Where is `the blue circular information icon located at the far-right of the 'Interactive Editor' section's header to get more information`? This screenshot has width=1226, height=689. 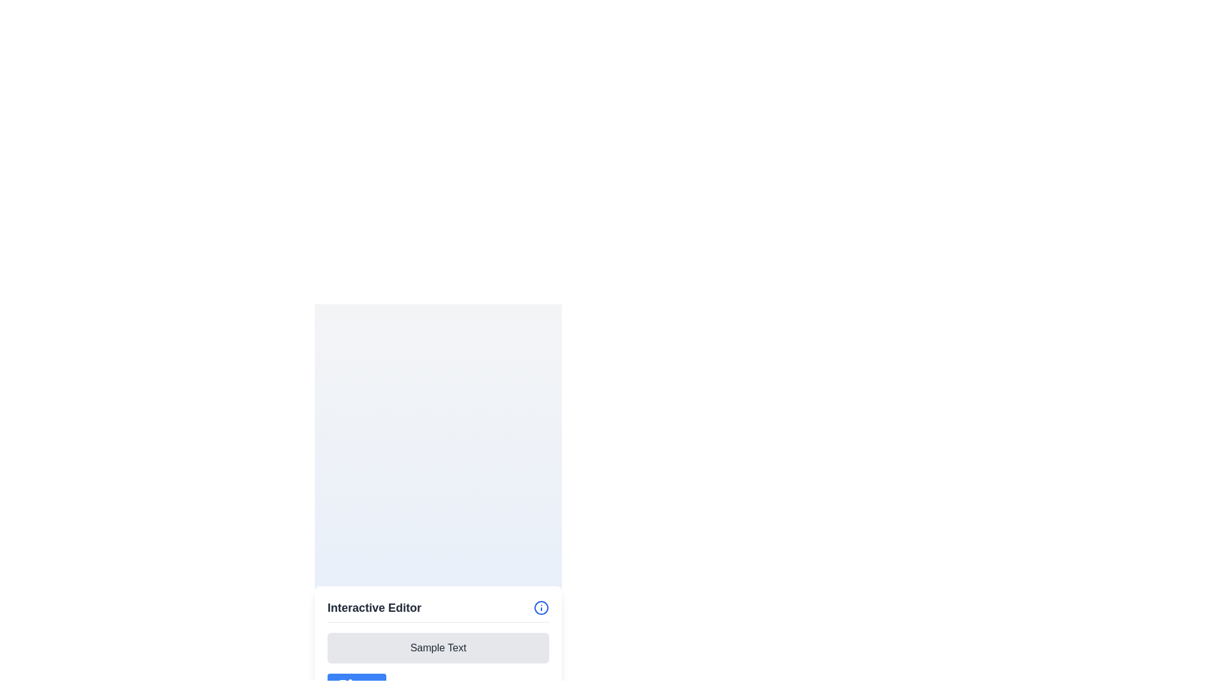
the blue circular information icon located at the far-right of the 'Interactive Editor' section's header to get more information is located at coordinates (541, 607).